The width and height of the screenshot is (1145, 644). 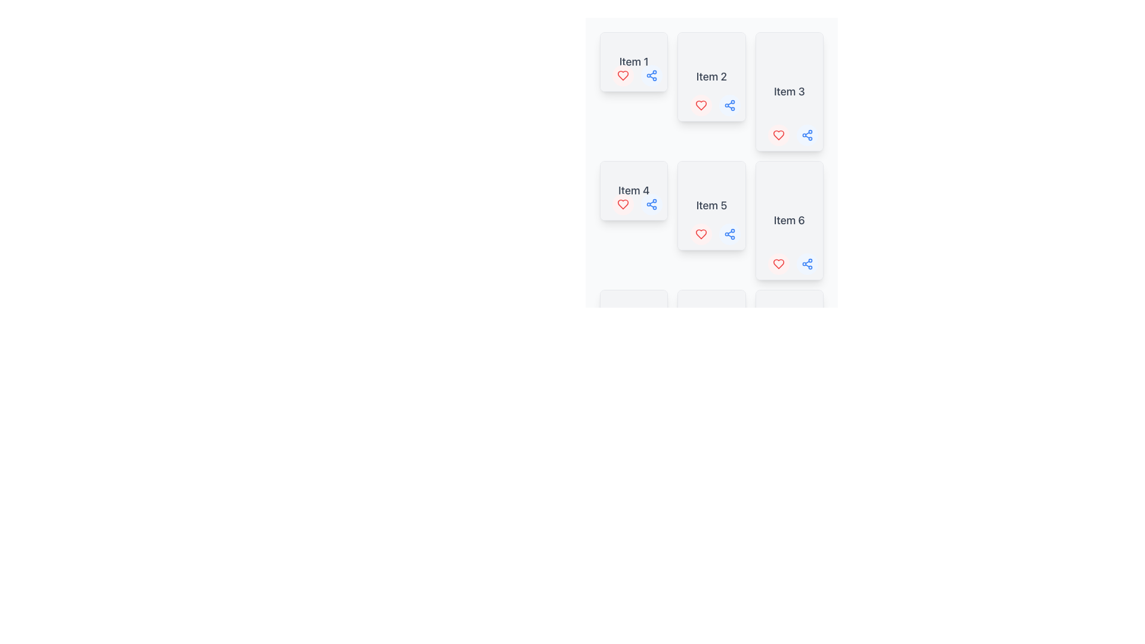 I want to click on the heart icon located below 'Item 4' and to the left of the blue share icon to like or favorite the item, so click(x=623, y=204).